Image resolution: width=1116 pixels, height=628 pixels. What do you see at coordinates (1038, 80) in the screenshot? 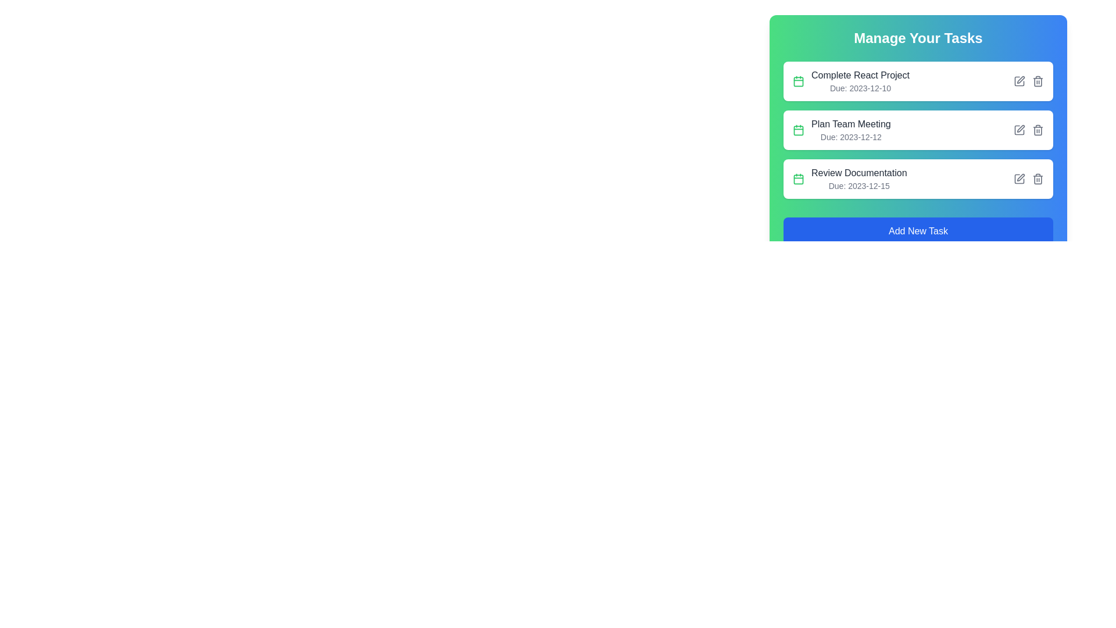
I see `the trash bin icon button, which is styled in grayscale and located at the rightmost side of the 'Complete React Project' task entry` at bounding box center [1038, 80].